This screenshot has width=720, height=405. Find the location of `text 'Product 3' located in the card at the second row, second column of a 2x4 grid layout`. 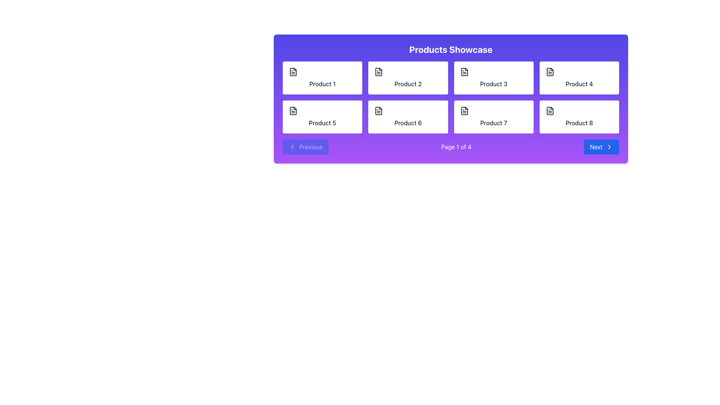

text 'Product 3' located in the card at the second row, second column of a 2x4 grid layout is located at coordinates (493, 84).